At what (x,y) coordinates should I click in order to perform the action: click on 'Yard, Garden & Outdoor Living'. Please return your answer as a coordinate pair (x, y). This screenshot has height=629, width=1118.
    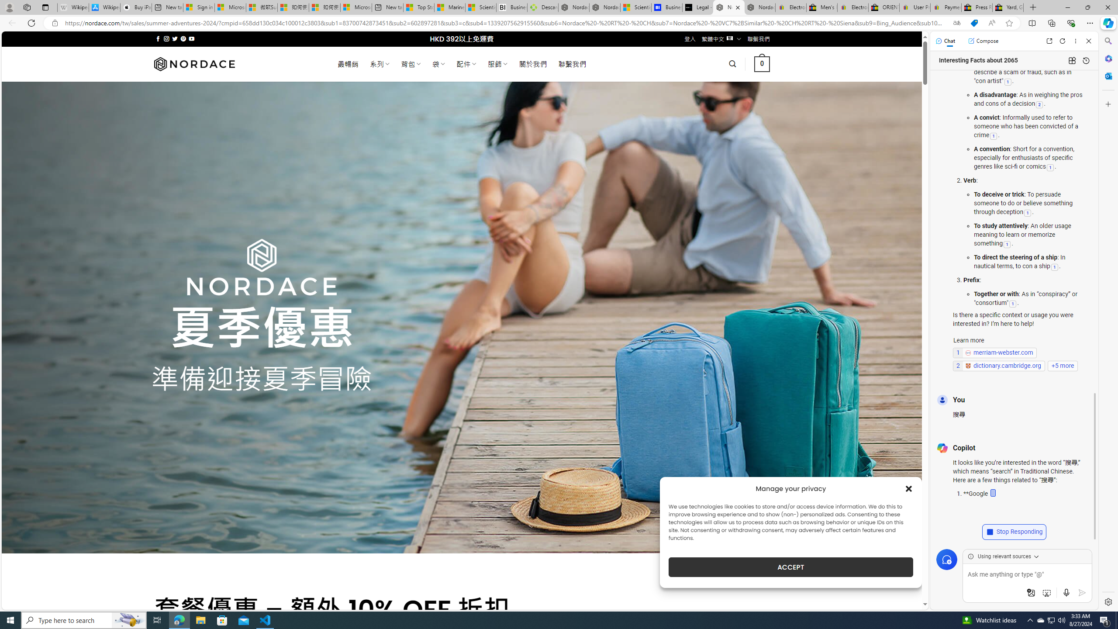
    Looking at the image, I should click on (1008, 7).